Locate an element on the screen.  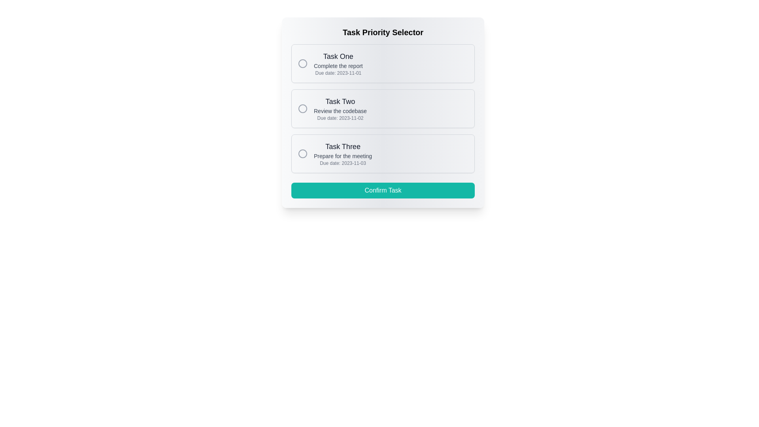
the Circular selection indicator (SVG Circle) is located at coordinates (302, 63).